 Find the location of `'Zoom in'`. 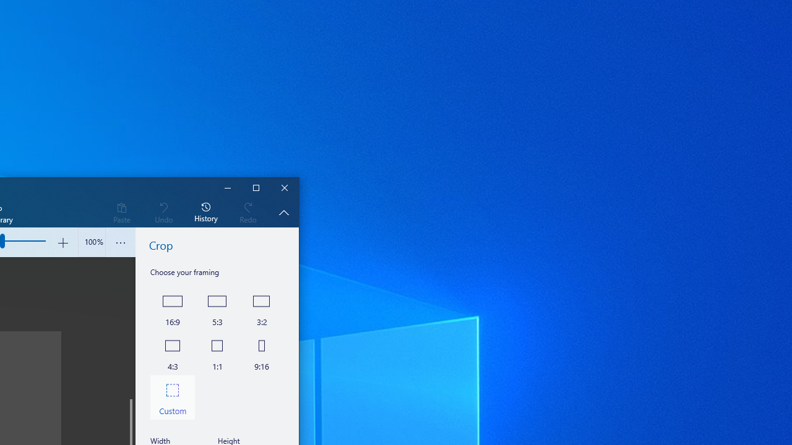

'Zoom in' is located at coordinates (62, 242).